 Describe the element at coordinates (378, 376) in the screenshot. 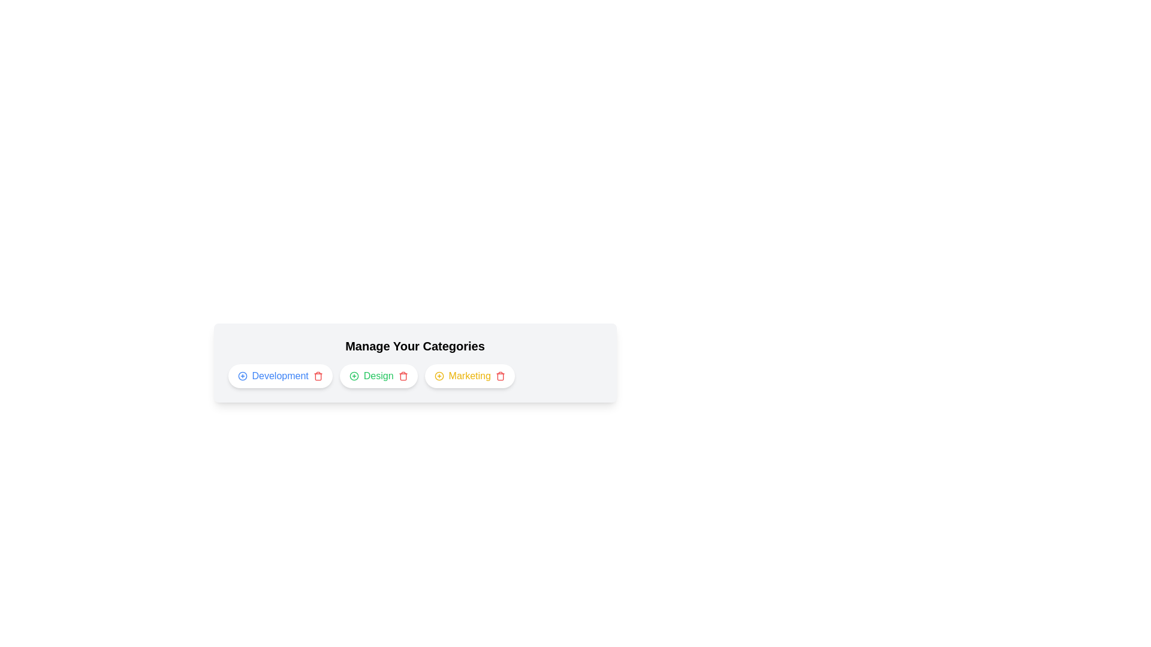

I see `the category Design to observe hover effects` at that location.